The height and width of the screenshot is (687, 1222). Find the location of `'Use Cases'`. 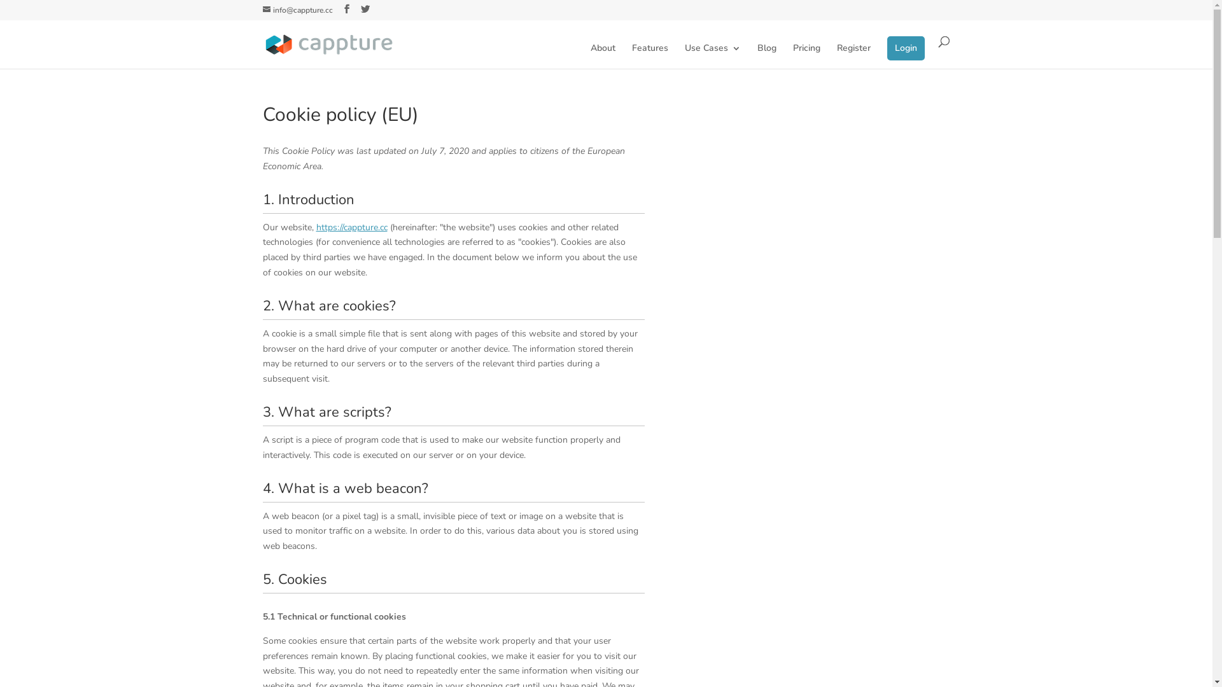

'Use Cases' is located at coordinates (684, 55).